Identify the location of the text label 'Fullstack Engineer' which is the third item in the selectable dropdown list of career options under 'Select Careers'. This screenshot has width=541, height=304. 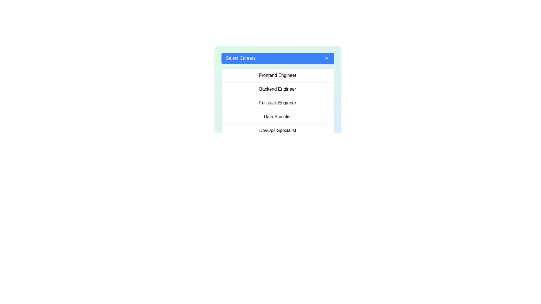
(278, 103).